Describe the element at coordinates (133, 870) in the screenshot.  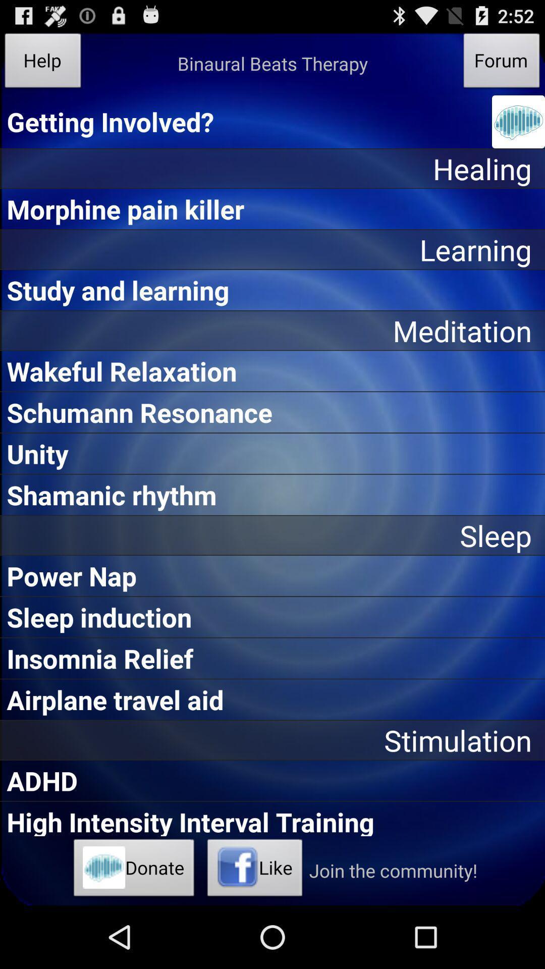
I see `the item at the bottom left corner` at that location.